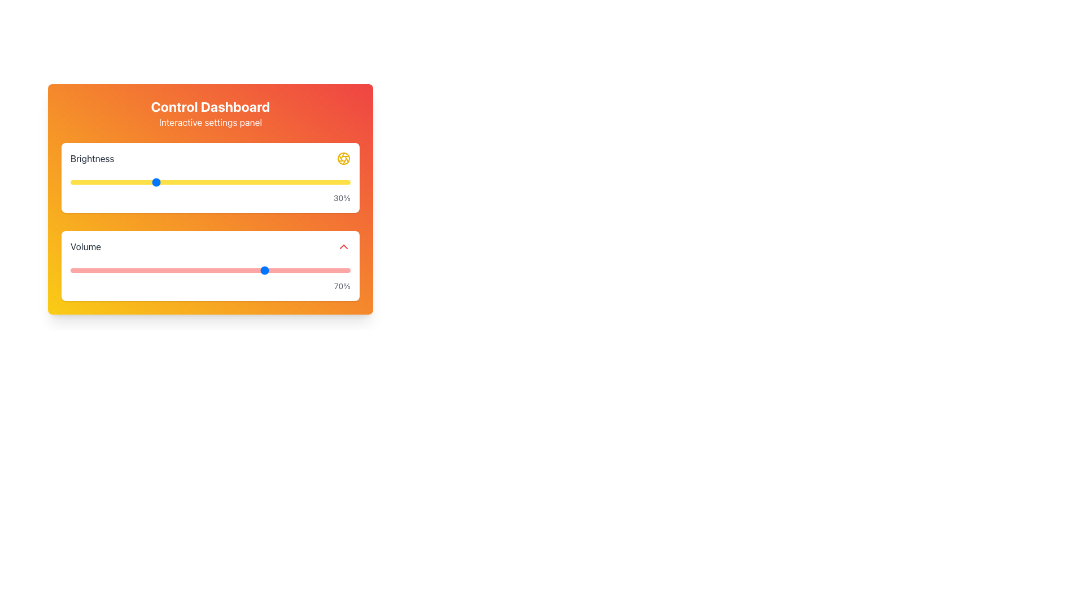 This screenshot has height=610, width=1084. I want to click on the volume slider, so click(213, 270).